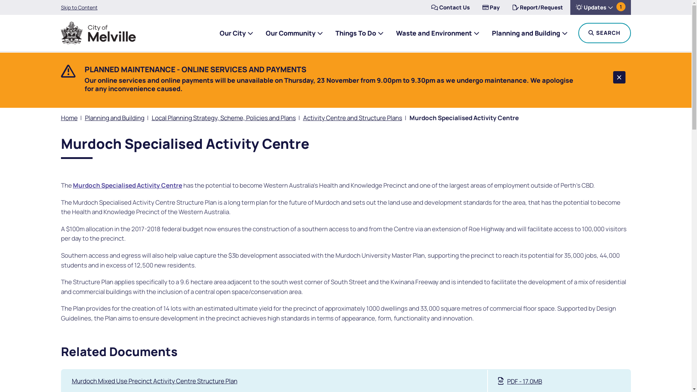  Describe the element at coordinates (352, 118) in the screenshot. I see `'Activity Centre and Structure Plans'` at that location.